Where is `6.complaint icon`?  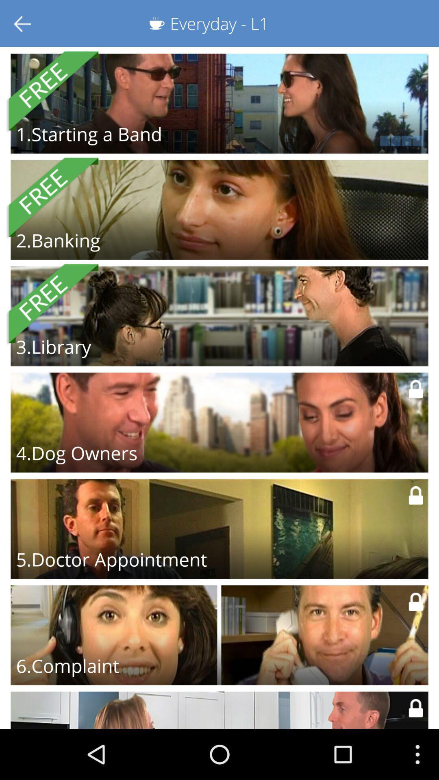
6.complaint icon is located at coordinates (67, 665).